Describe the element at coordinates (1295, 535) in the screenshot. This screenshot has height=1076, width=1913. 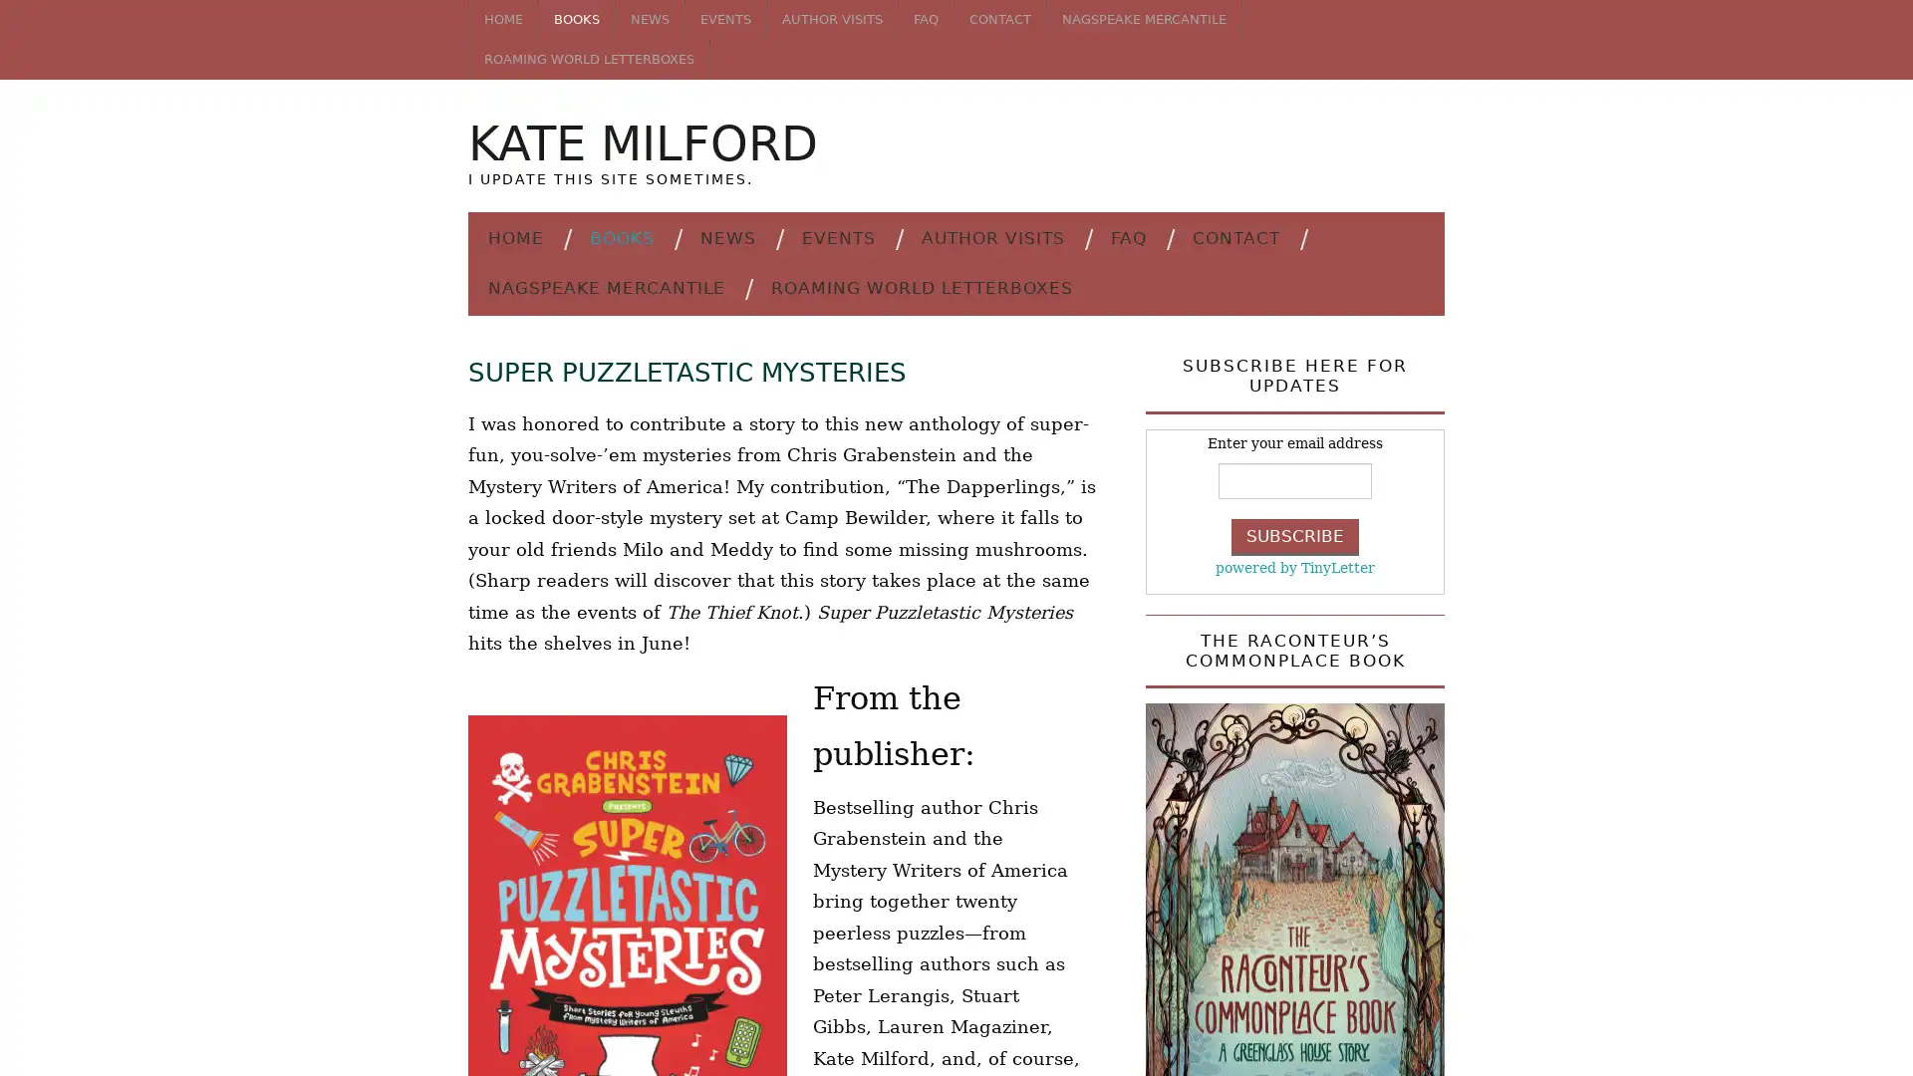
I see `Subscribe` at that location.